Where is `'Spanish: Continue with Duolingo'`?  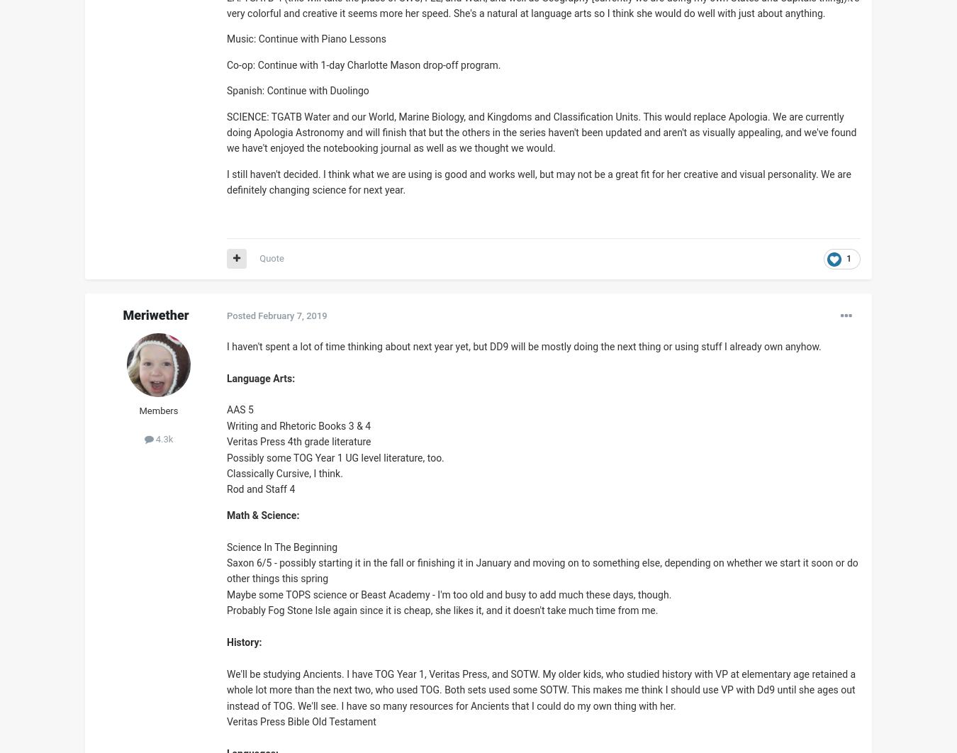
'Spanish: Continue with Duolingo' is located at coordinates (225, 90).